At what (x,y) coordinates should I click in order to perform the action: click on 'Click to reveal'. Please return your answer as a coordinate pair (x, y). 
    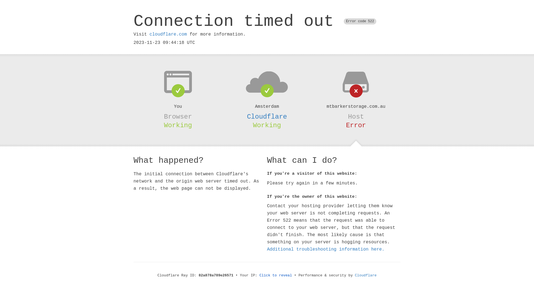
    Looking at the image, I should click on (276, 275).